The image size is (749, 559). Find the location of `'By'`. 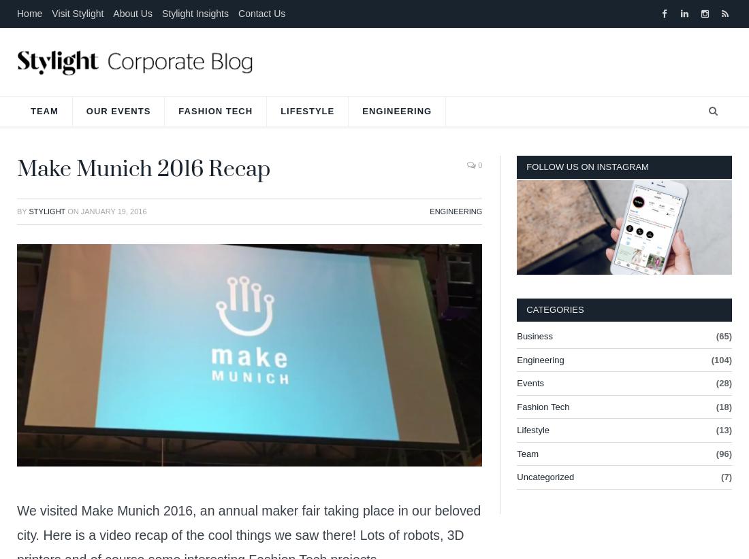

'By' is located at coordinates (22, 211).